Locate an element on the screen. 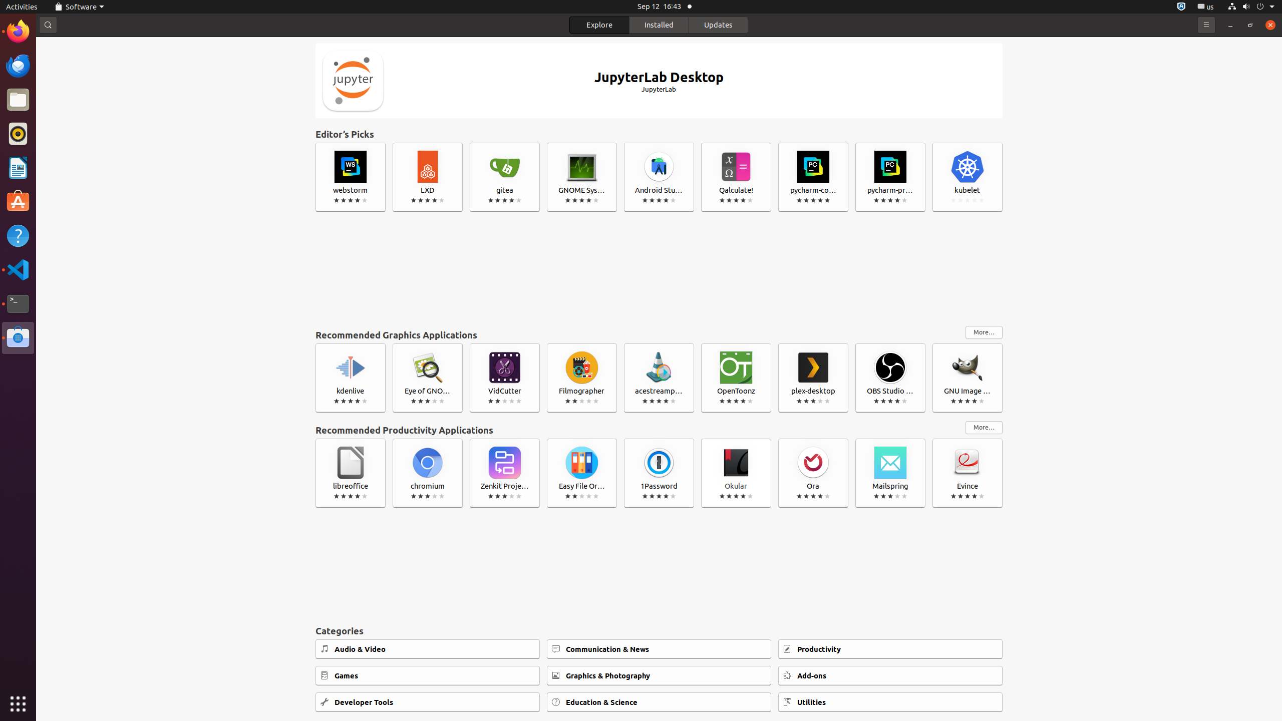 The width and height of the screenshot is (1282, 721). 'acestreamplayer' is located at coordinates (659, 378).